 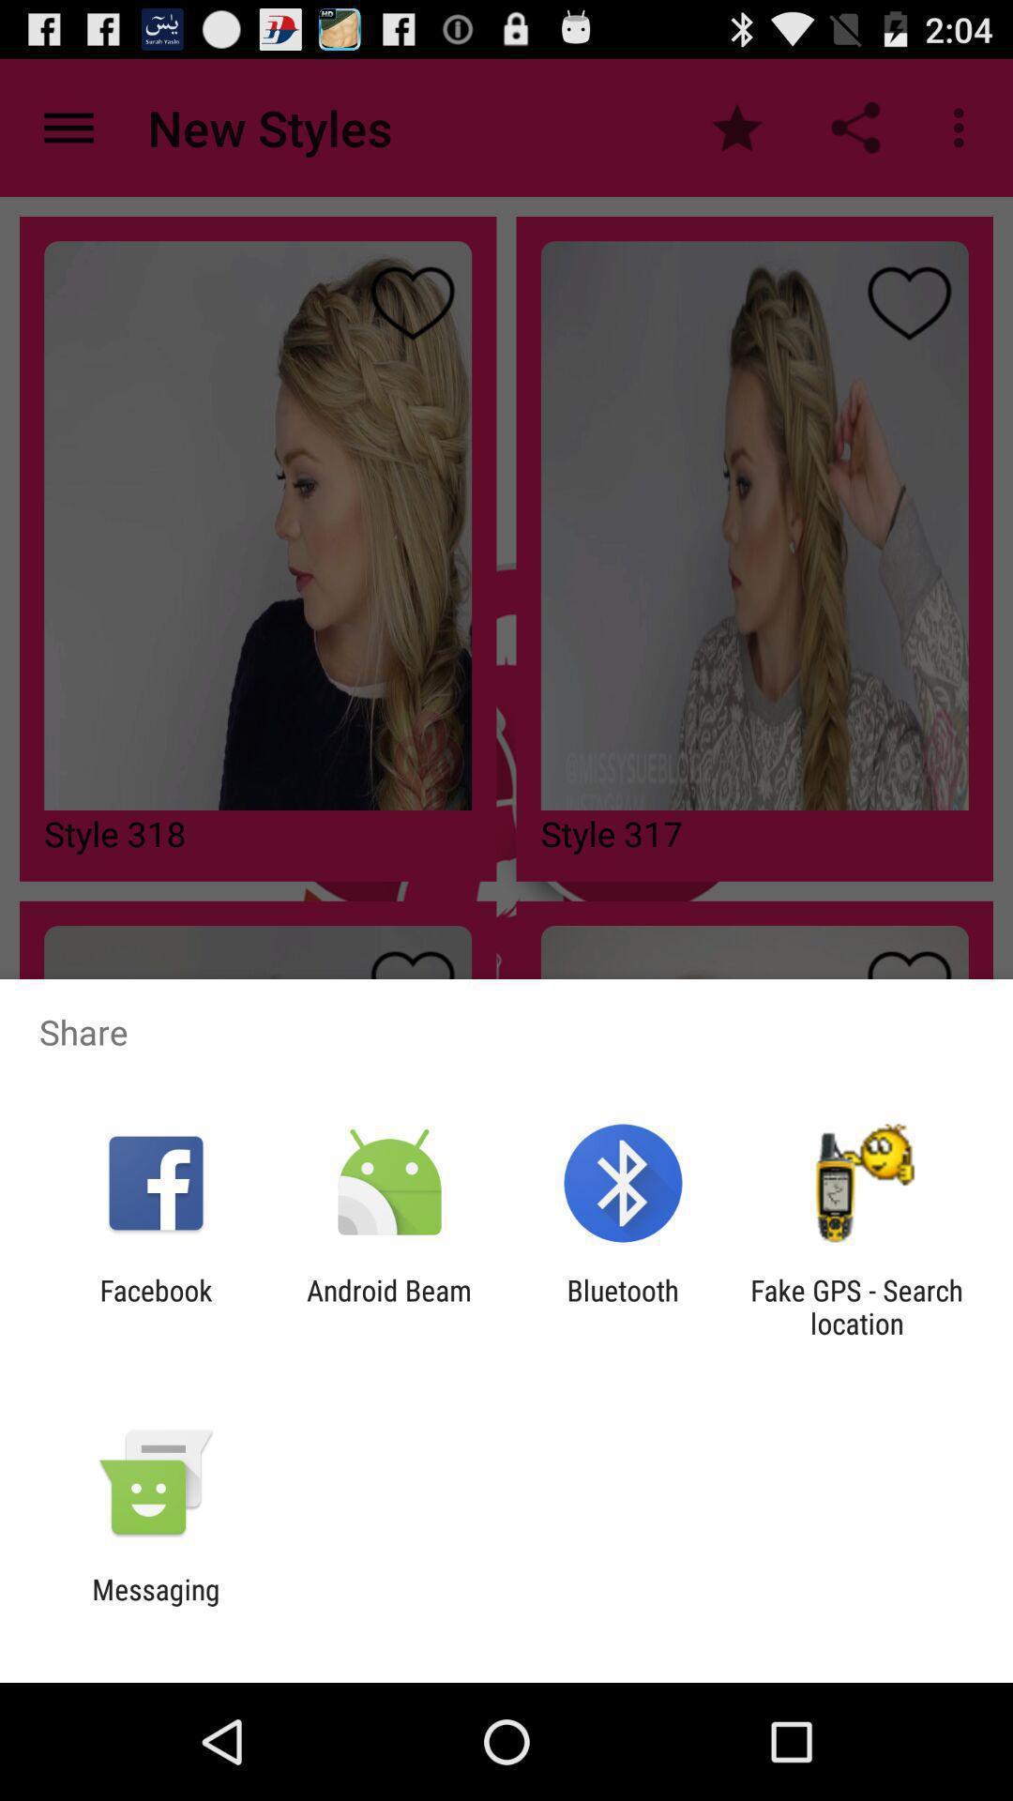 What do you see at coordinates (155, 1605) in the screenshot?
I see `messaging icon` at bounding box center [155, 1605].